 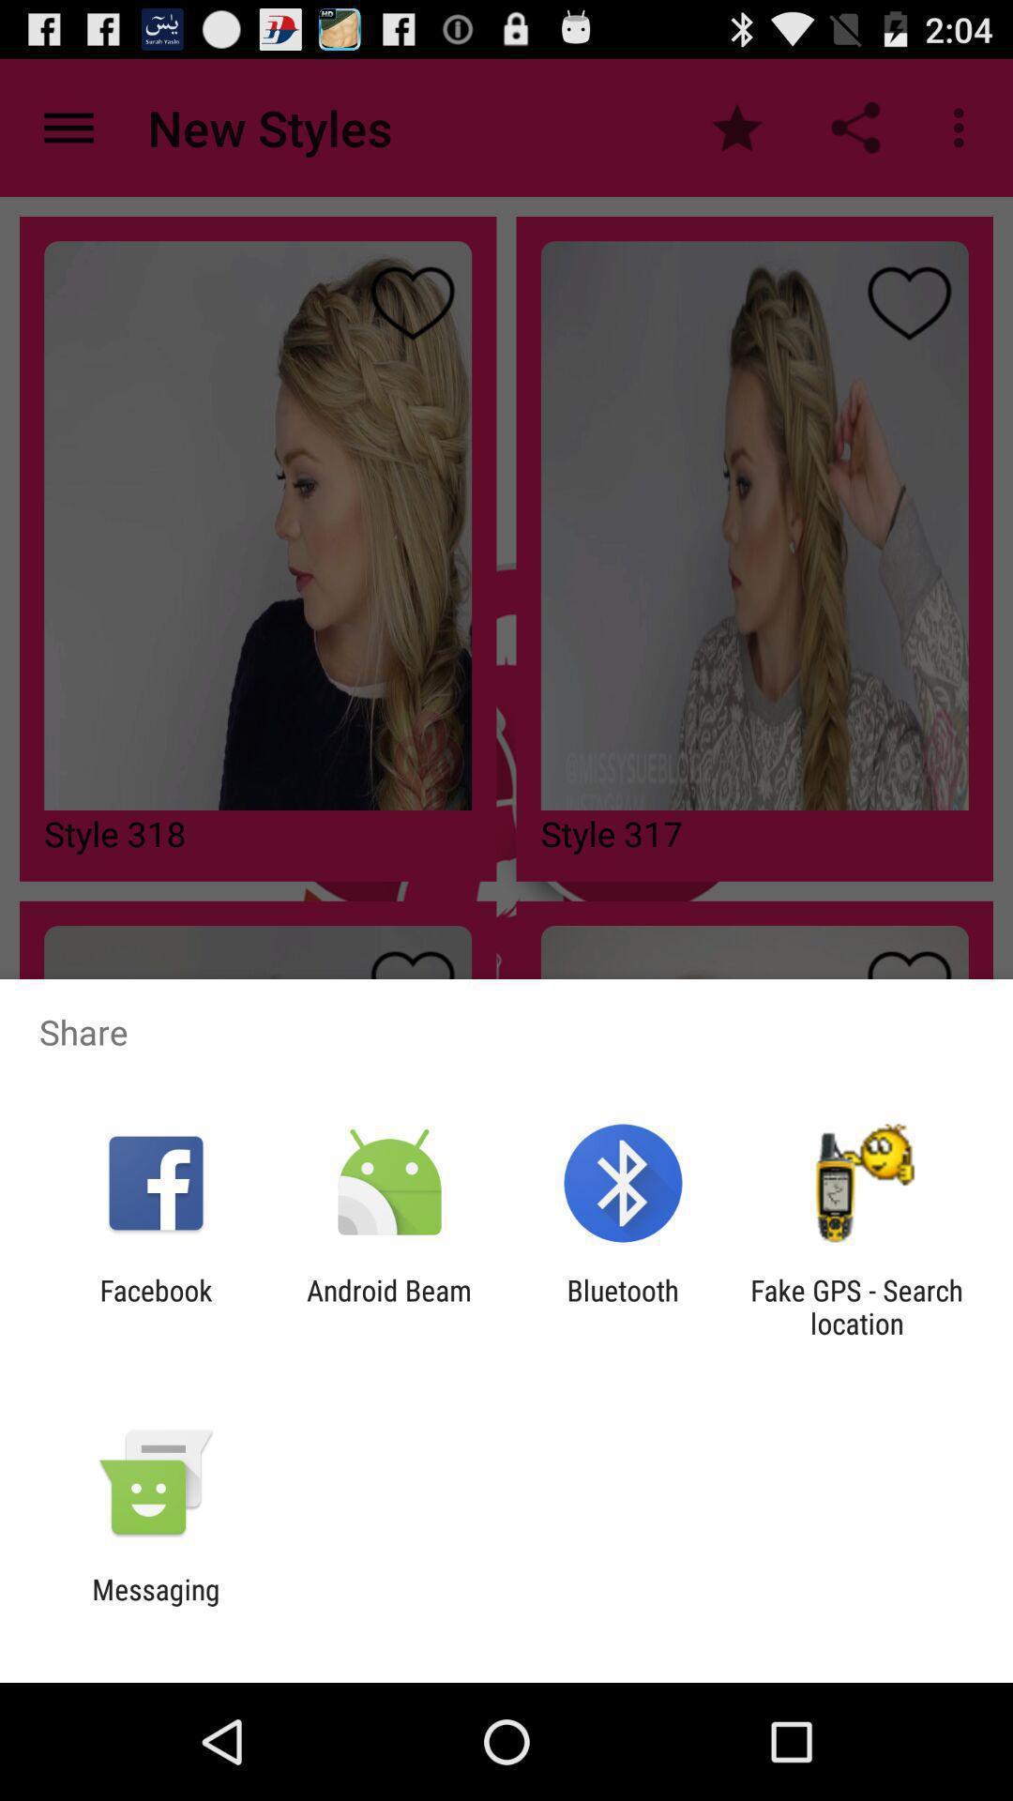 What do you see at coordinates (155, 1605) in the screenshot?
I see `messaging icon` at bounding box center [155, 1605].